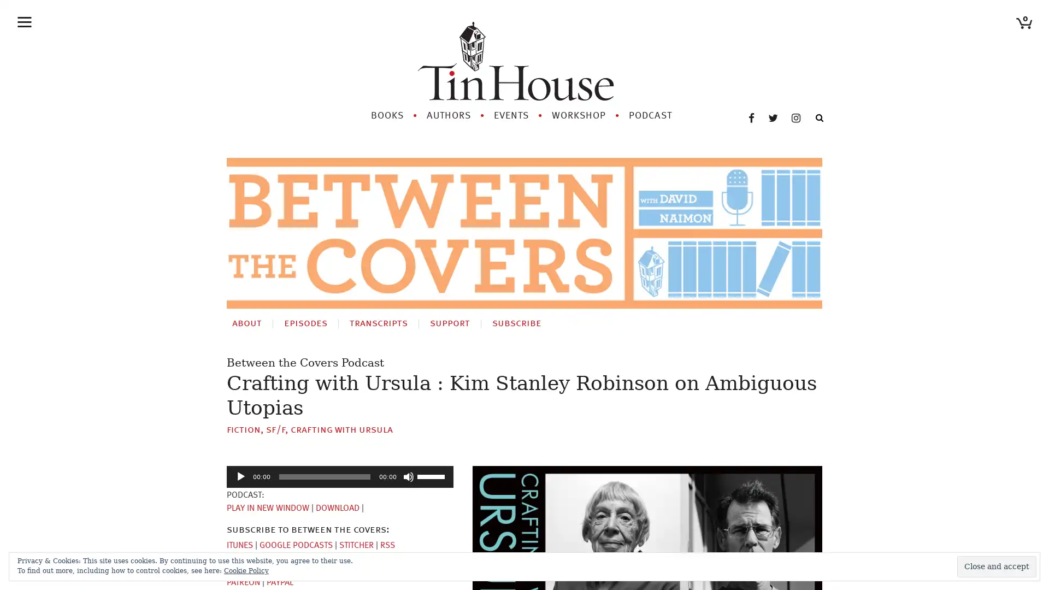 This screenshot has width=1049, height=590. Describe the element at coordinates (240, 463) in the screenshot. I see `Play` at that location.